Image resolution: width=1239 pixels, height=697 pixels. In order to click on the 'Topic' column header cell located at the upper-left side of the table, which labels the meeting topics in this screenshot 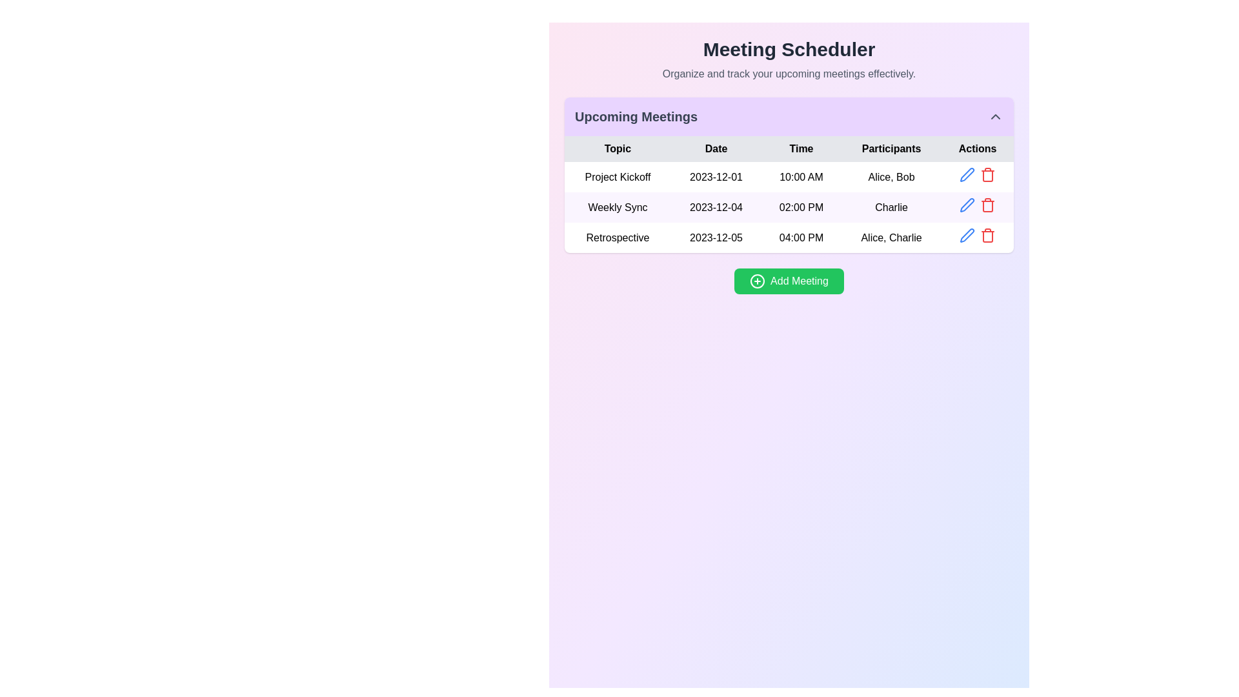, I will do `click(617, 148)`.